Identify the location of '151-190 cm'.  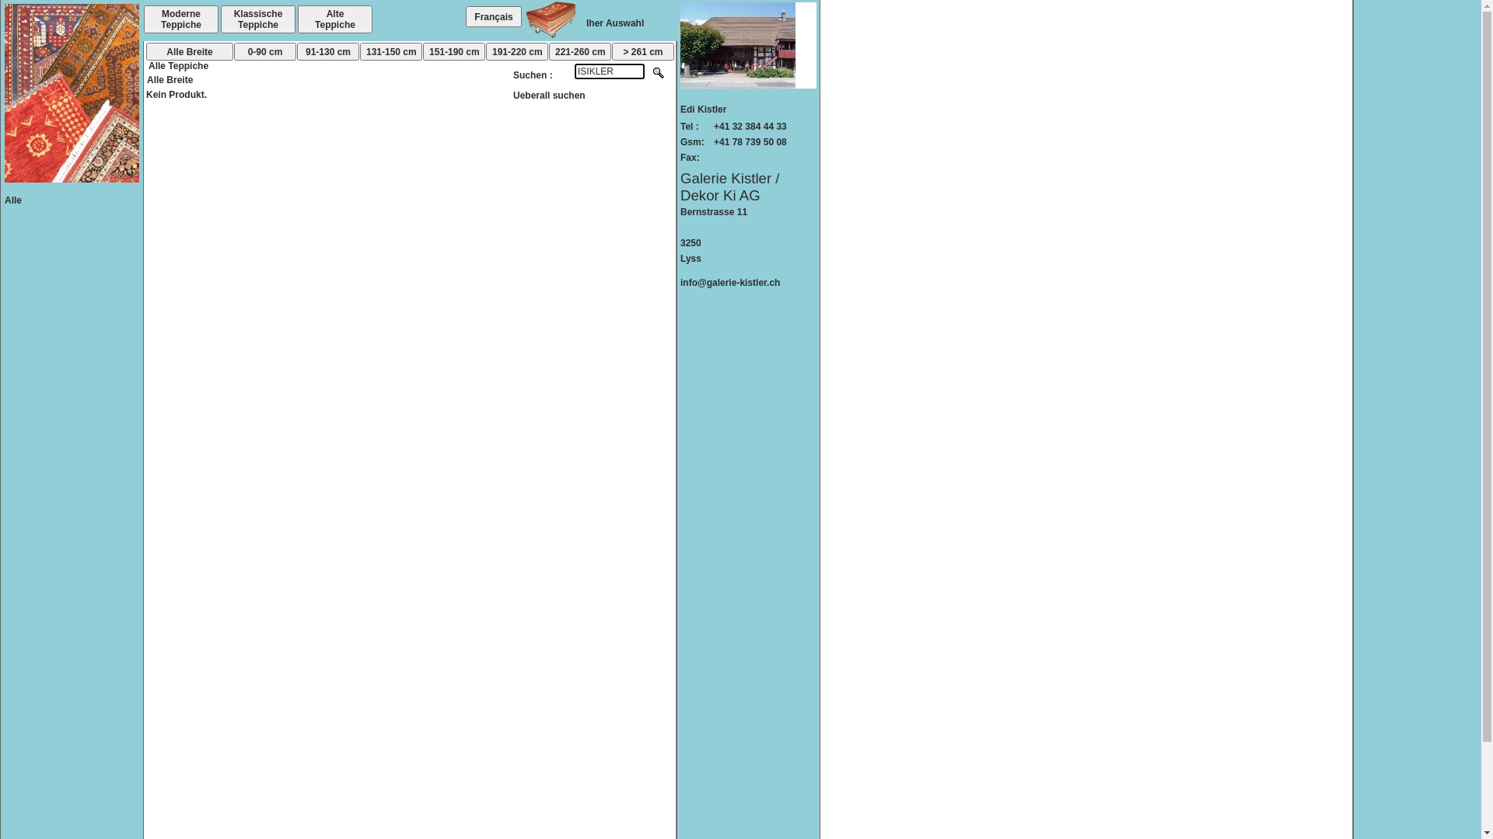
(453, 50).